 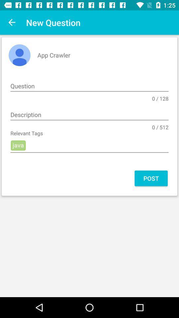 What do you see at coordinates (89, 86) in the screenshot?
I see `question` at bounding box center [89, 86].